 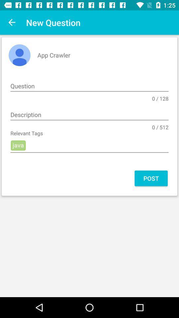 What do you see at coordinates (89, 86) in the screenshot?
I see `question` at bounding box center [89, 86].